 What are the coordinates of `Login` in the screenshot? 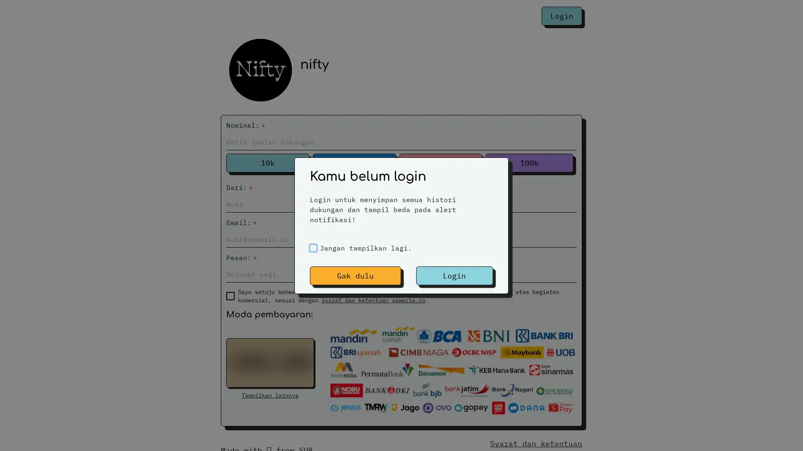 It's located at (562, 16).